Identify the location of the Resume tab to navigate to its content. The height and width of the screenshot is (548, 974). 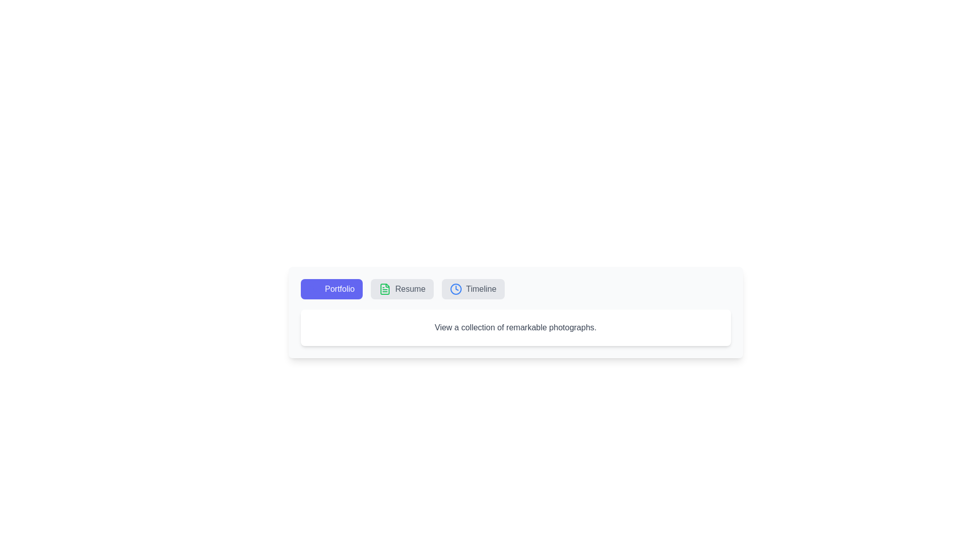
(401, 289).